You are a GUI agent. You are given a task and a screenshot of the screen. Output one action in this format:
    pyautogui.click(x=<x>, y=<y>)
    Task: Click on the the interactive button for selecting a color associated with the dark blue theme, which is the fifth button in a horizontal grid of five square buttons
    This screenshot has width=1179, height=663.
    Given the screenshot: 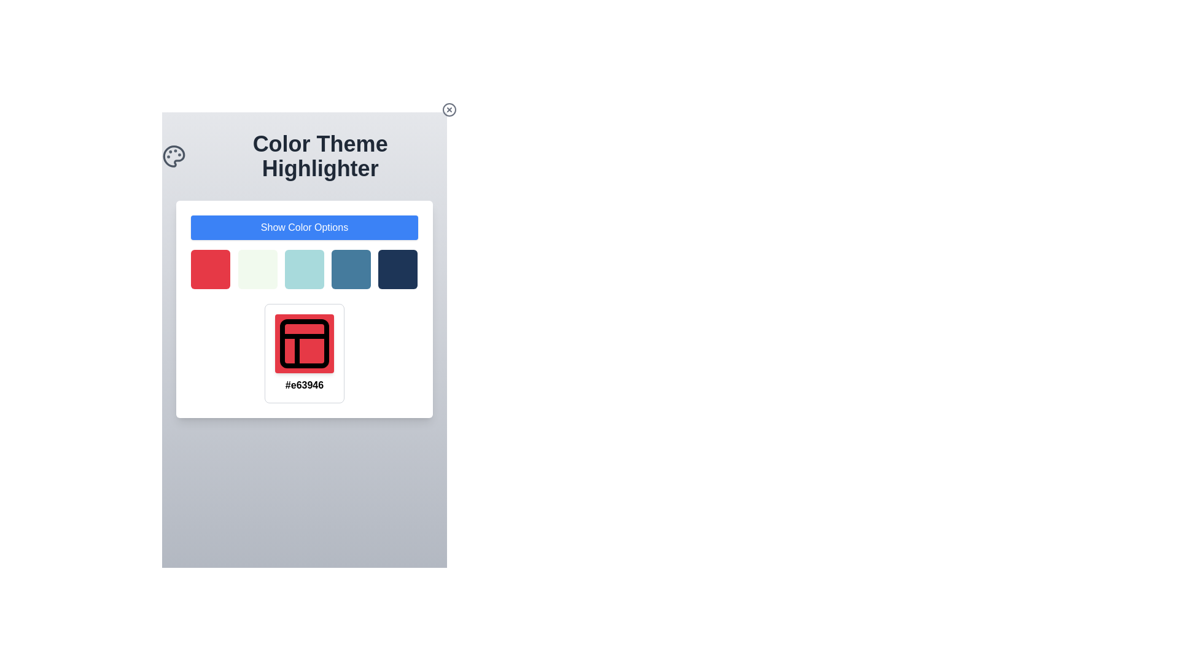 What is the action you would take?
    pyautogui.click(x=398, y=269)
    